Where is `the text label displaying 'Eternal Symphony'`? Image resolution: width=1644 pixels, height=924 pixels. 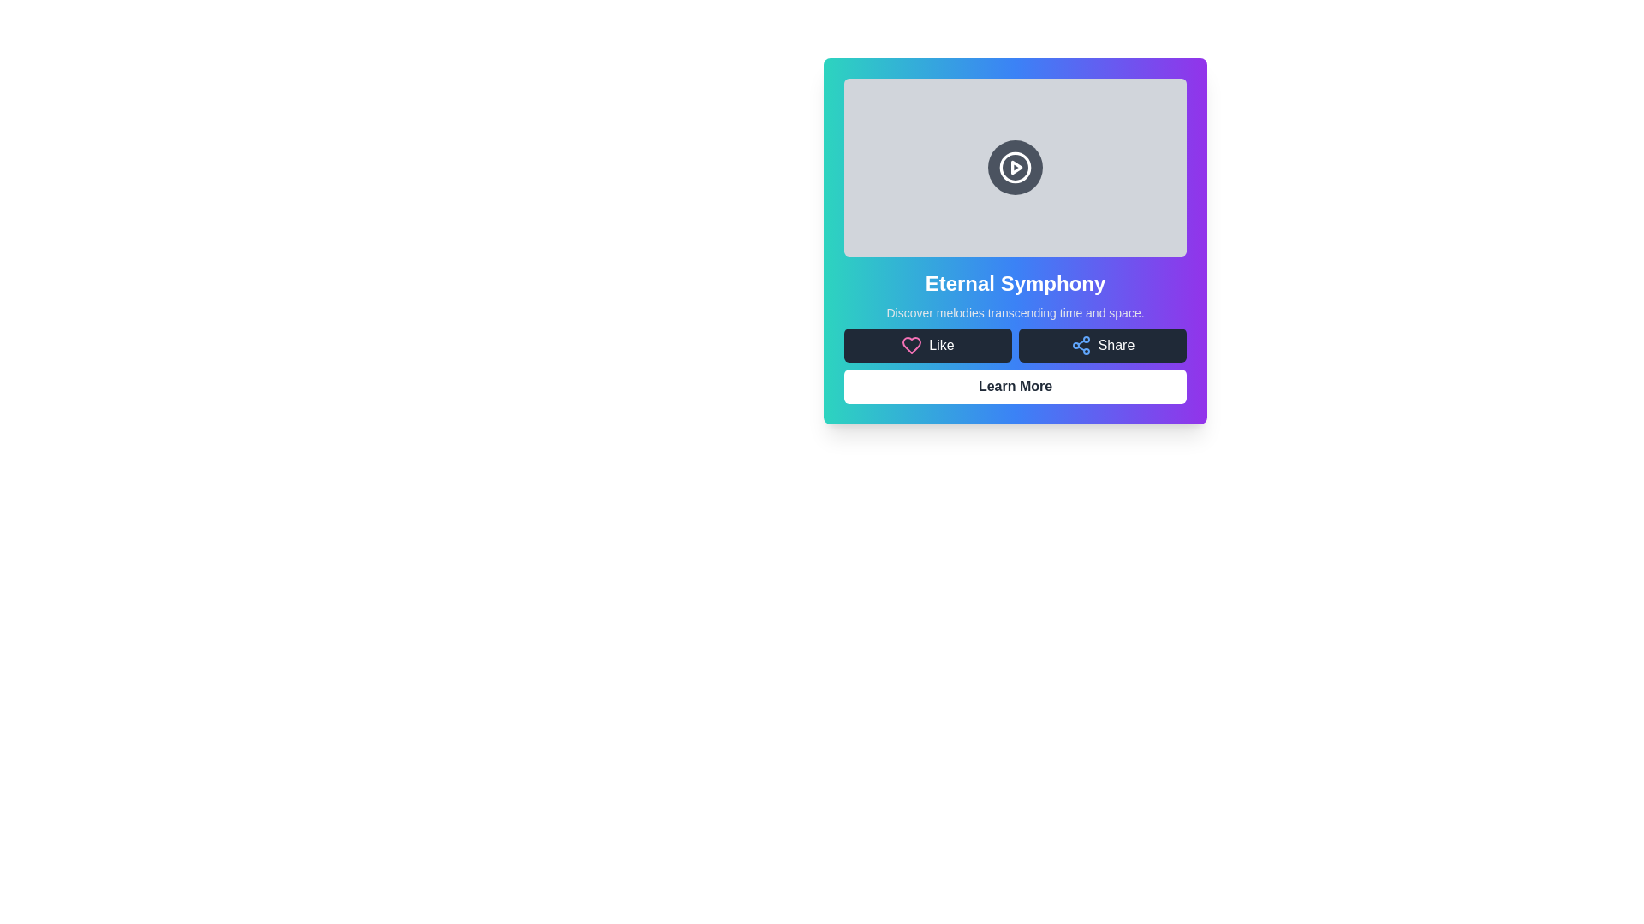
the text label displaying 'Eternal Symphony' is located at coordinates (1015, 282).